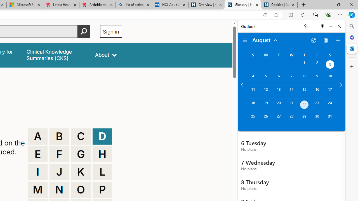  Describe the element at coordinates (264, 15) in the screenshot. I see `'Read aloud this page (Ctrl+Shift+U)'` at that location.